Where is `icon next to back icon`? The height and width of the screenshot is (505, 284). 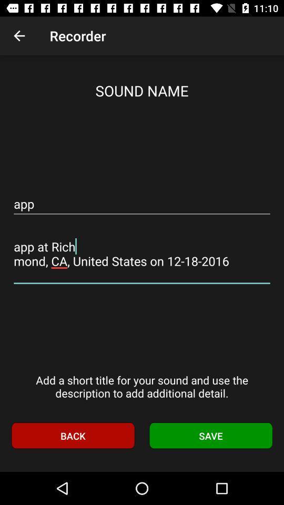 icon next to back icon is located at coordinates (211, 436).